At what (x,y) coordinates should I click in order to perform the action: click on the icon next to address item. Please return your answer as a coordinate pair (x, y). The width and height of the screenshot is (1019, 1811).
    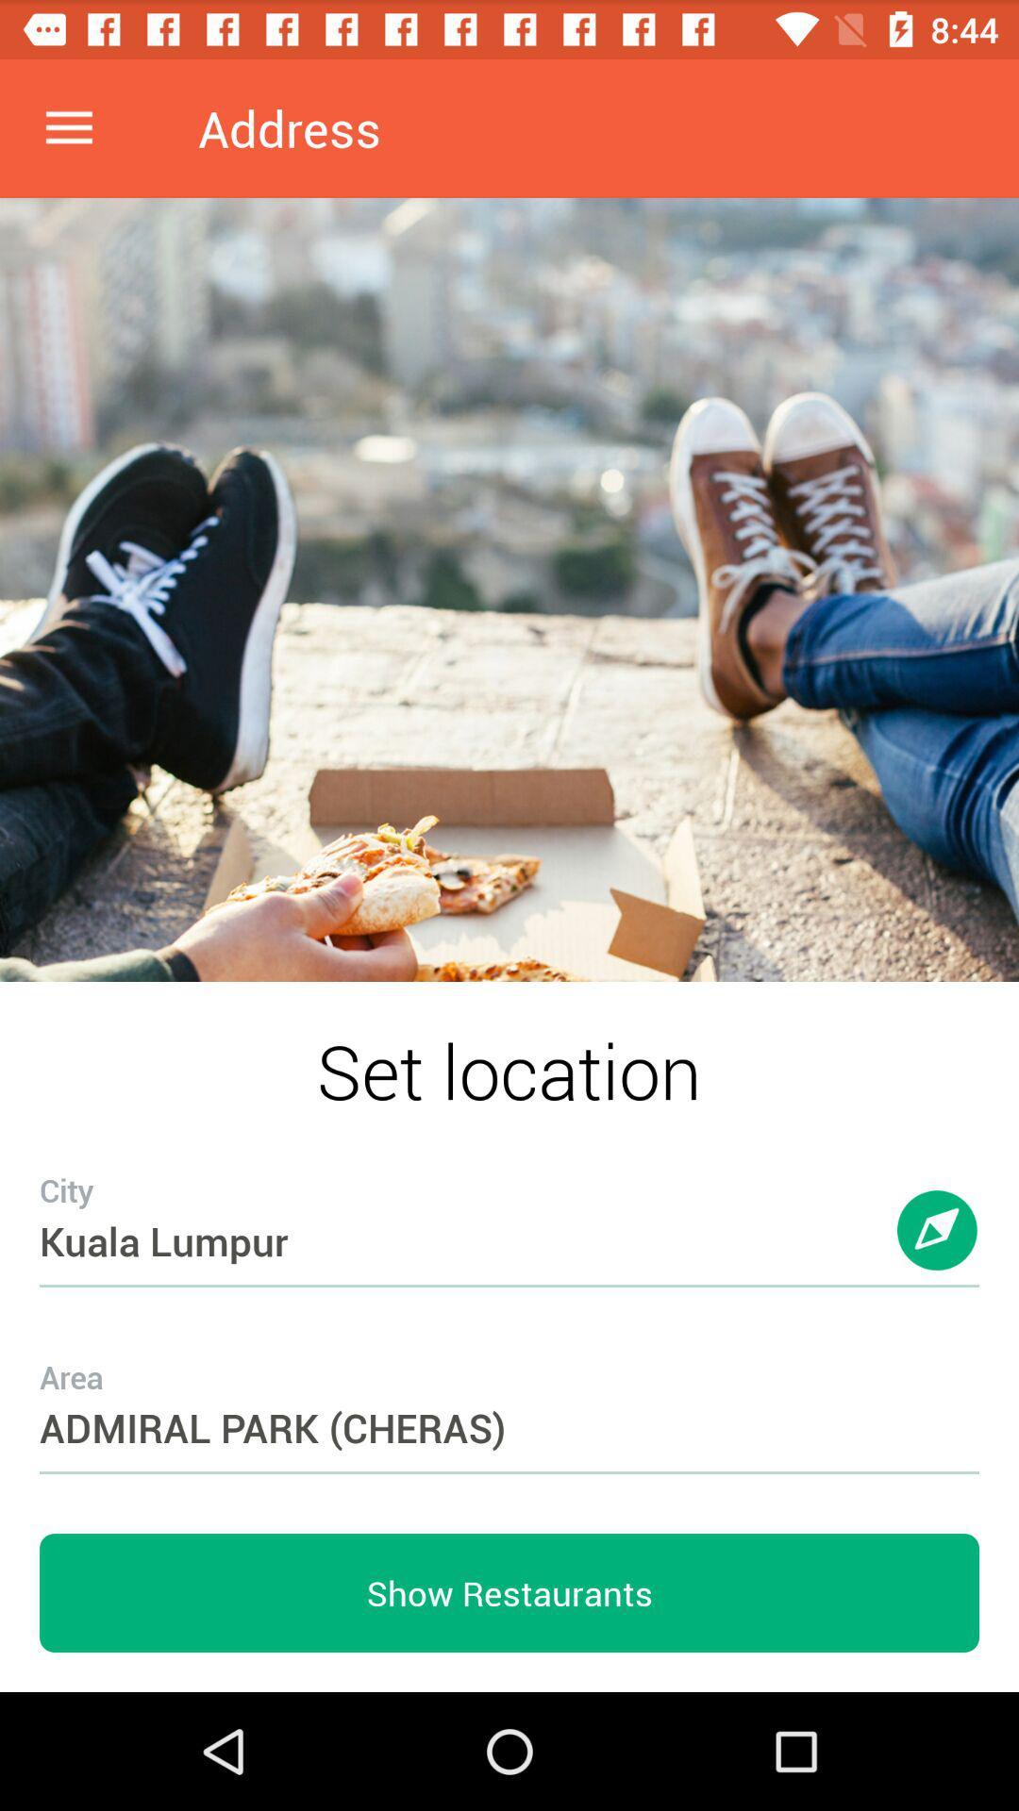
    Looking at the image, I should click on (68, 127).